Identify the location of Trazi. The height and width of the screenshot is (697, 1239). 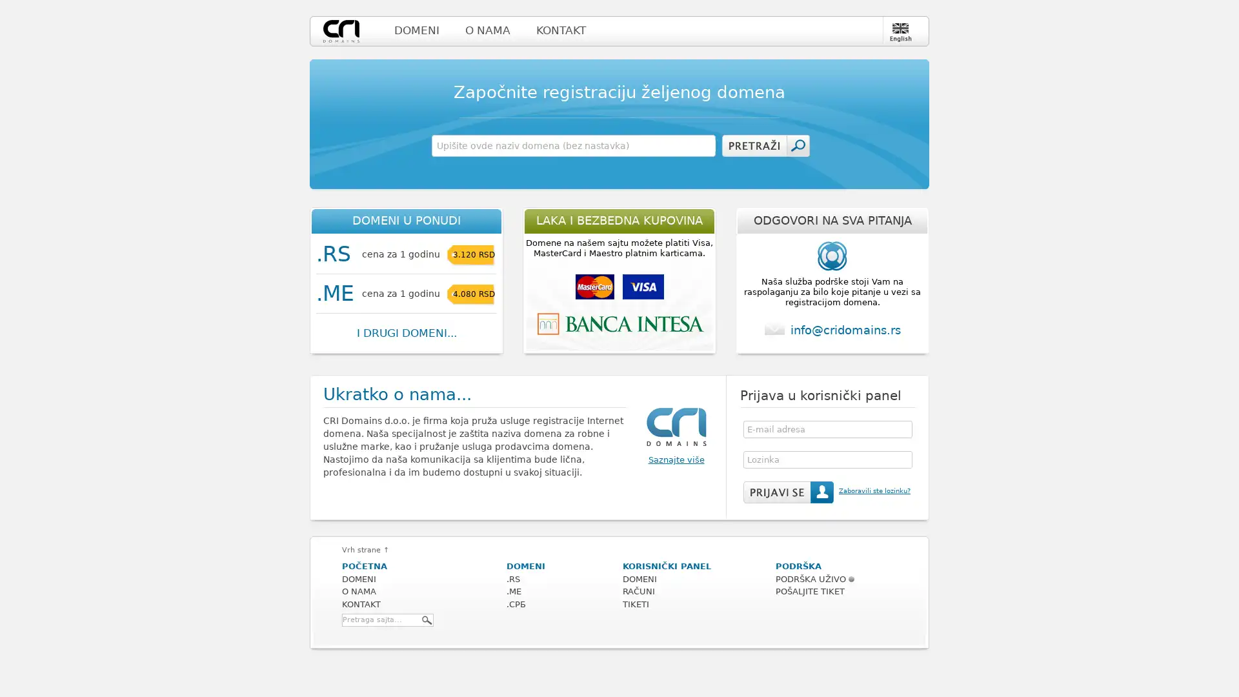
(427, 619).